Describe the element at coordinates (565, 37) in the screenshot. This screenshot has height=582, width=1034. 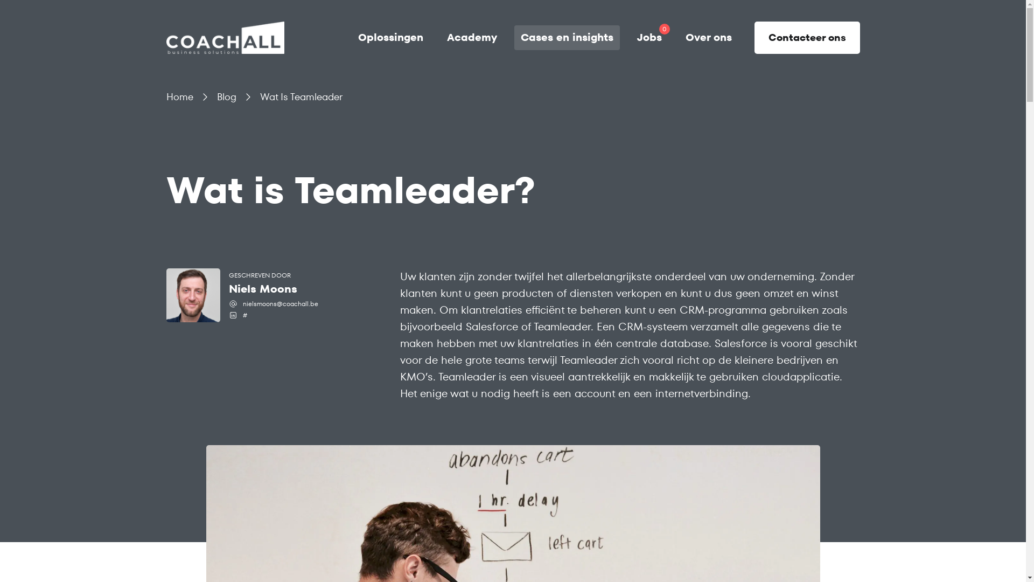
I see `'Cases en insights'` at that location.